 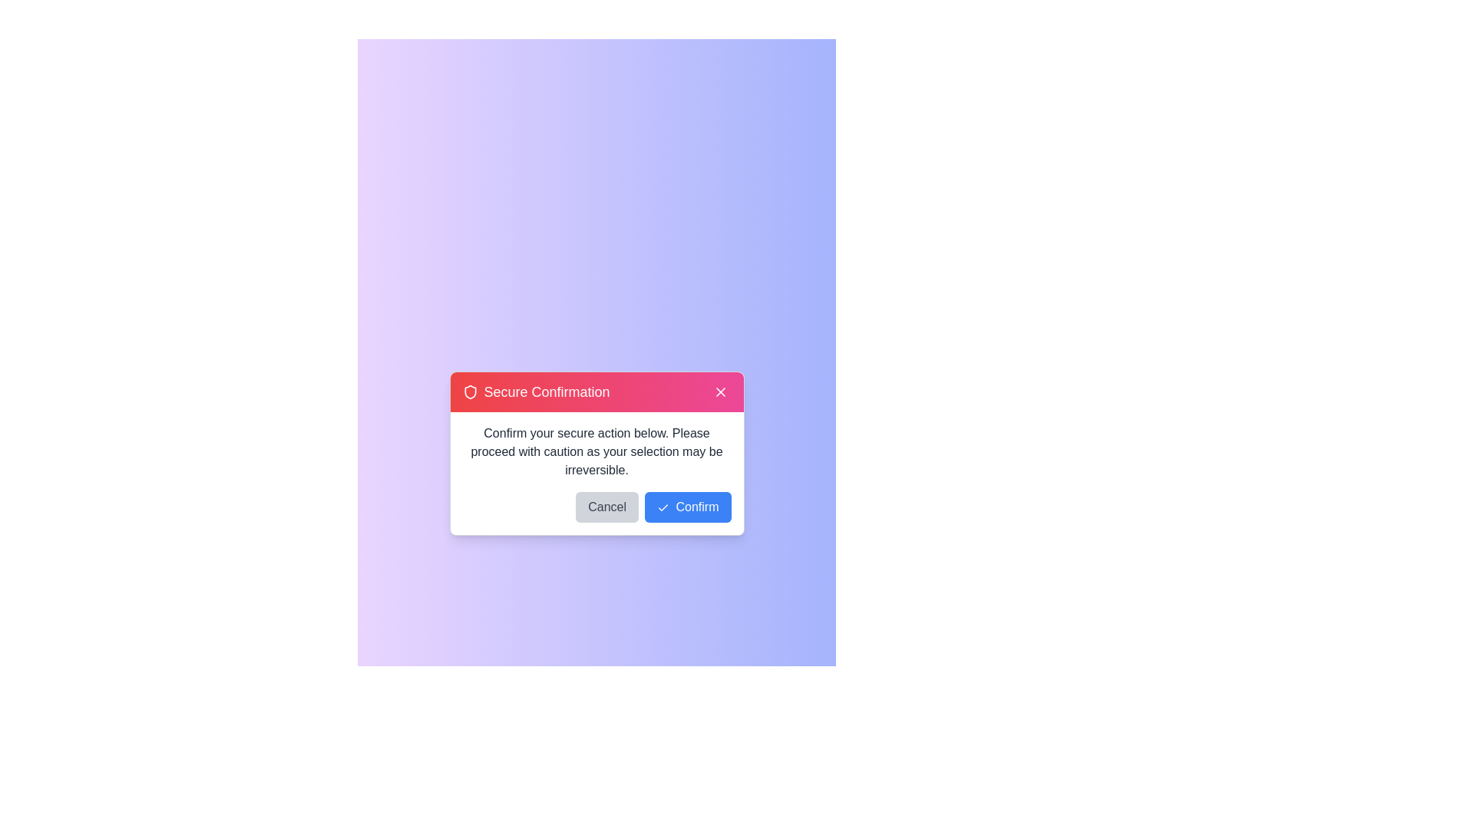 What do you see at coordinates (719, 391) in the screenshot?
I see `the red 'X' button located in the top-right corner of the red header section` at bounding box center [719, 391].